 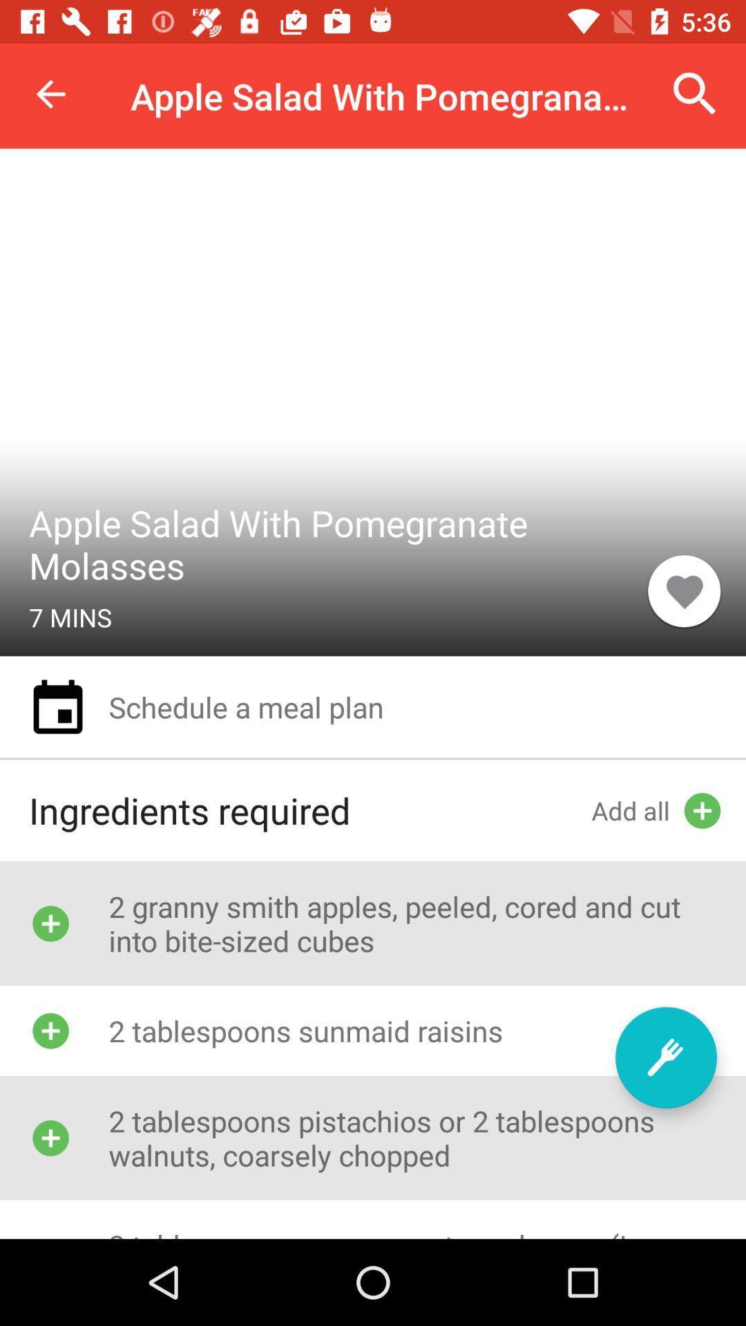 What do you see at coordinates (684, 590) in the screenshot?
I see `icon next to apple salad with icon` at bounding box center [684, 590].